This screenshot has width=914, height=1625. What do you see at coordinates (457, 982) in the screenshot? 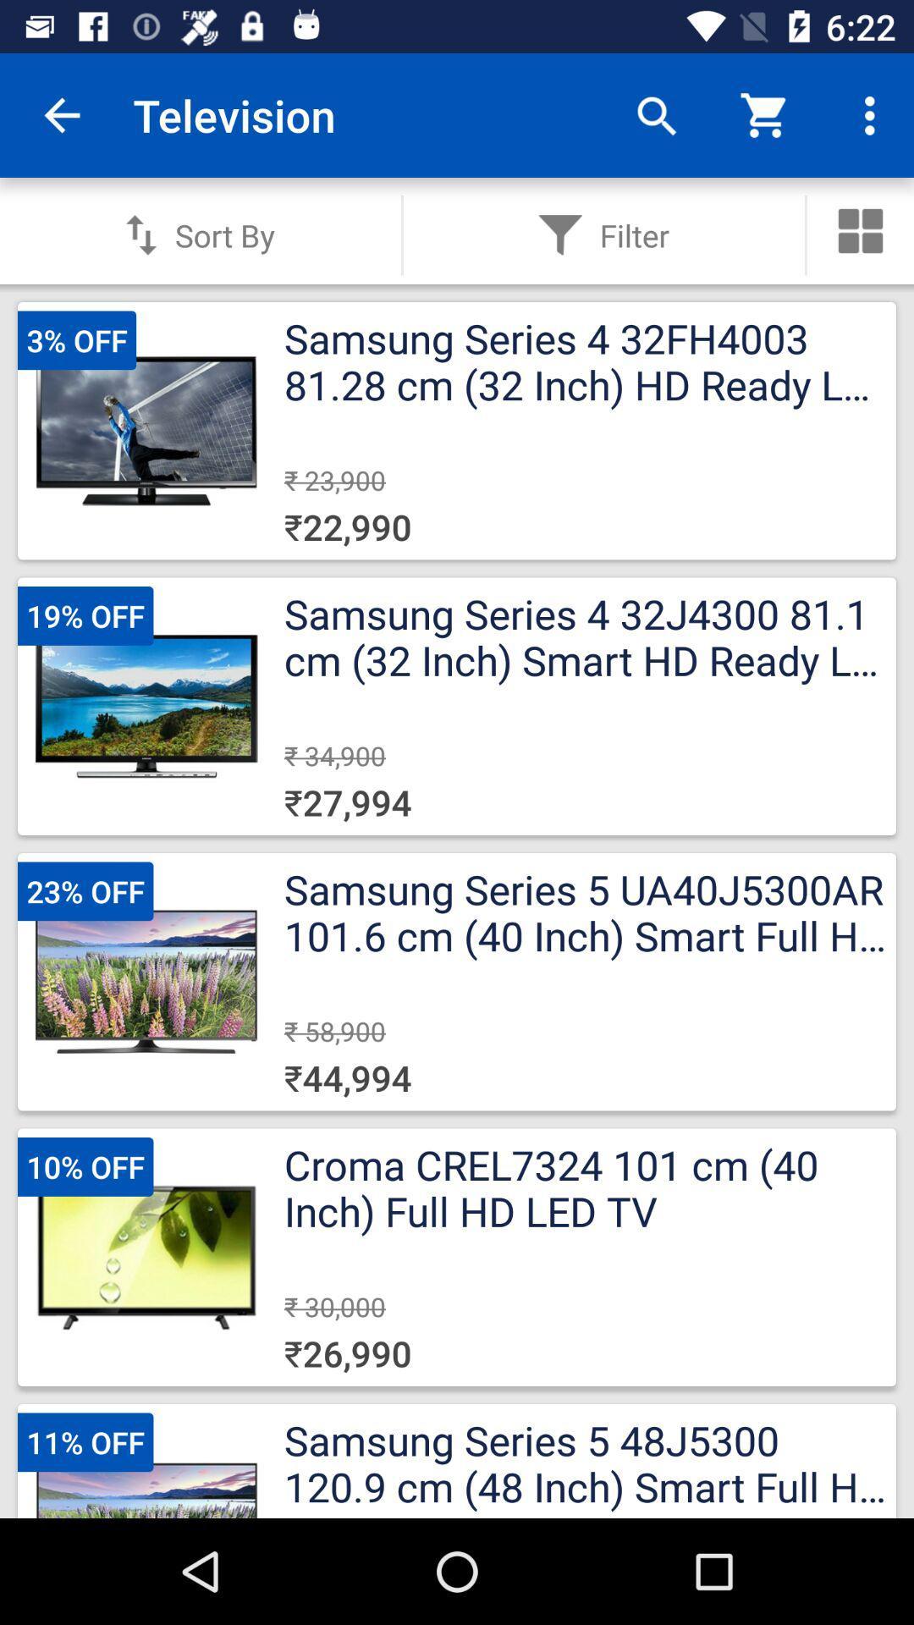
I see `the third row` at bounding box center [457, 982].